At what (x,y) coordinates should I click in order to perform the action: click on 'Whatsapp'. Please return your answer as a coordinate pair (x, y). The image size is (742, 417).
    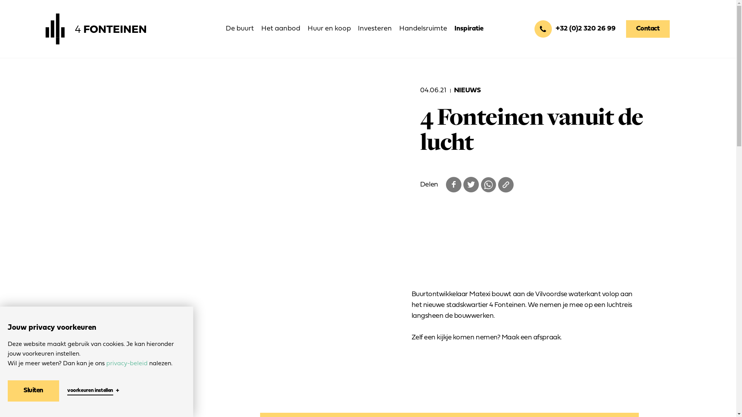
    Looking at the image, I should click on (488, 185).